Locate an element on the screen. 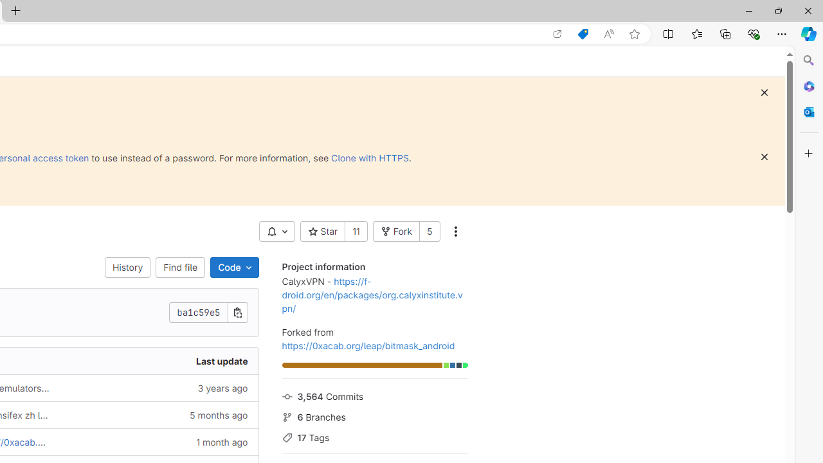 The height and width of the screenshot is (463, 823). 'Find file' is located at coordinates (179, 267).